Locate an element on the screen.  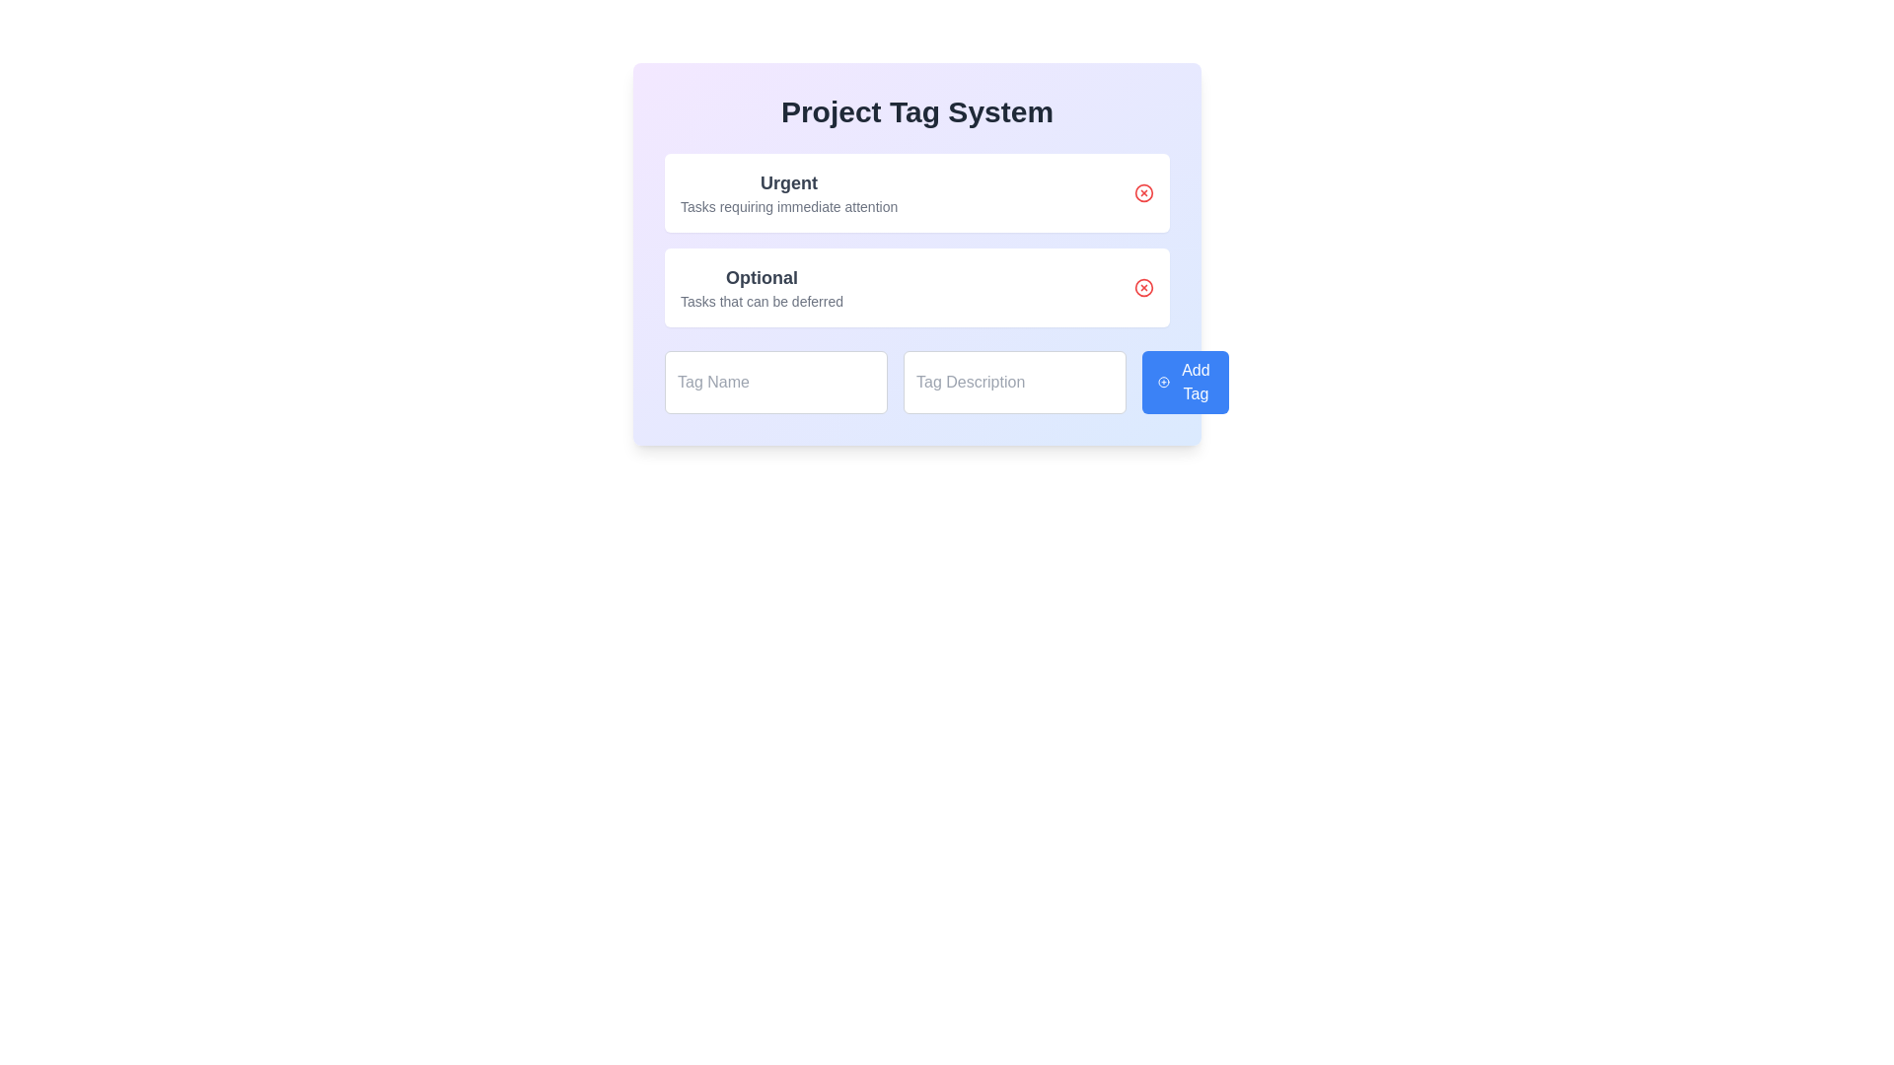
the icon that indicates an action to add a new tag, which is located to the left of the 'Add Tag' label within the blue button on the right of the input fields is located at coordinates (1164, 383).